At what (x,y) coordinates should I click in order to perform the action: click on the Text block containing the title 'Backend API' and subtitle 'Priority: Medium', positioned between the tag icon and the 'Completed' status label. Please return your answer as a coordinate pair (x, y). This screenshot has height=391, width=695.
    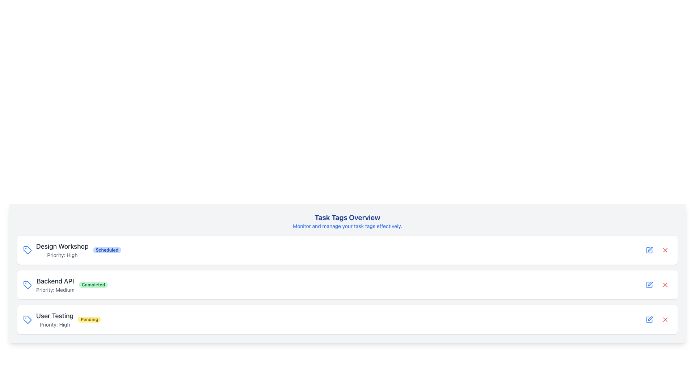
    Looking at the image, I should click on (55, 284).